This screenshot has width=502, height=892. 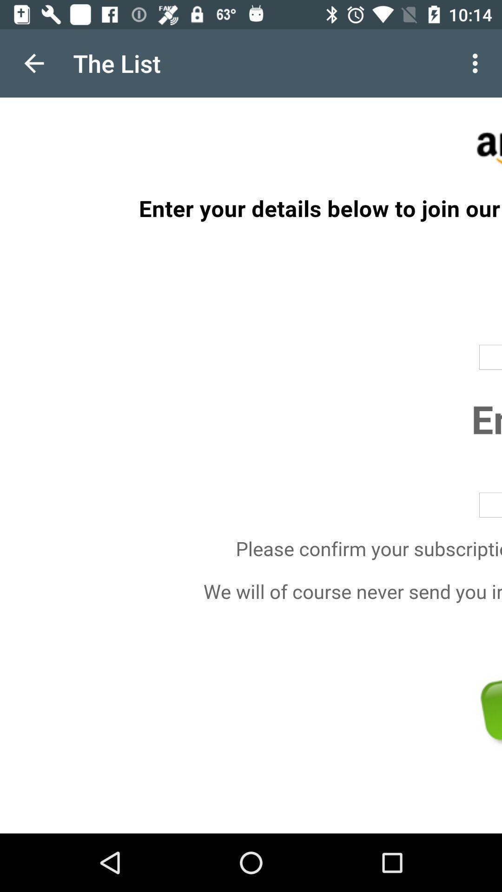 What do you see at coordinates (477, 63) in the screenshot?
I see `item next to the the list` at bounding box center [477, 63].